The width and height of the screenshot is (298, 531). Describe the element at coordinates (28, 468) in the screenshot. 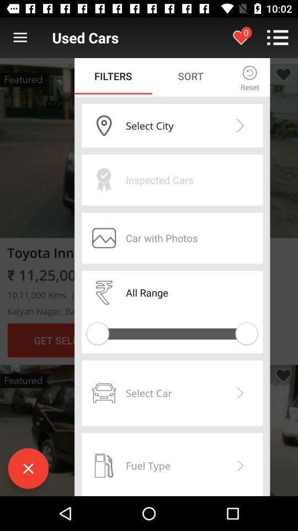

I see `the close icon` at that location.